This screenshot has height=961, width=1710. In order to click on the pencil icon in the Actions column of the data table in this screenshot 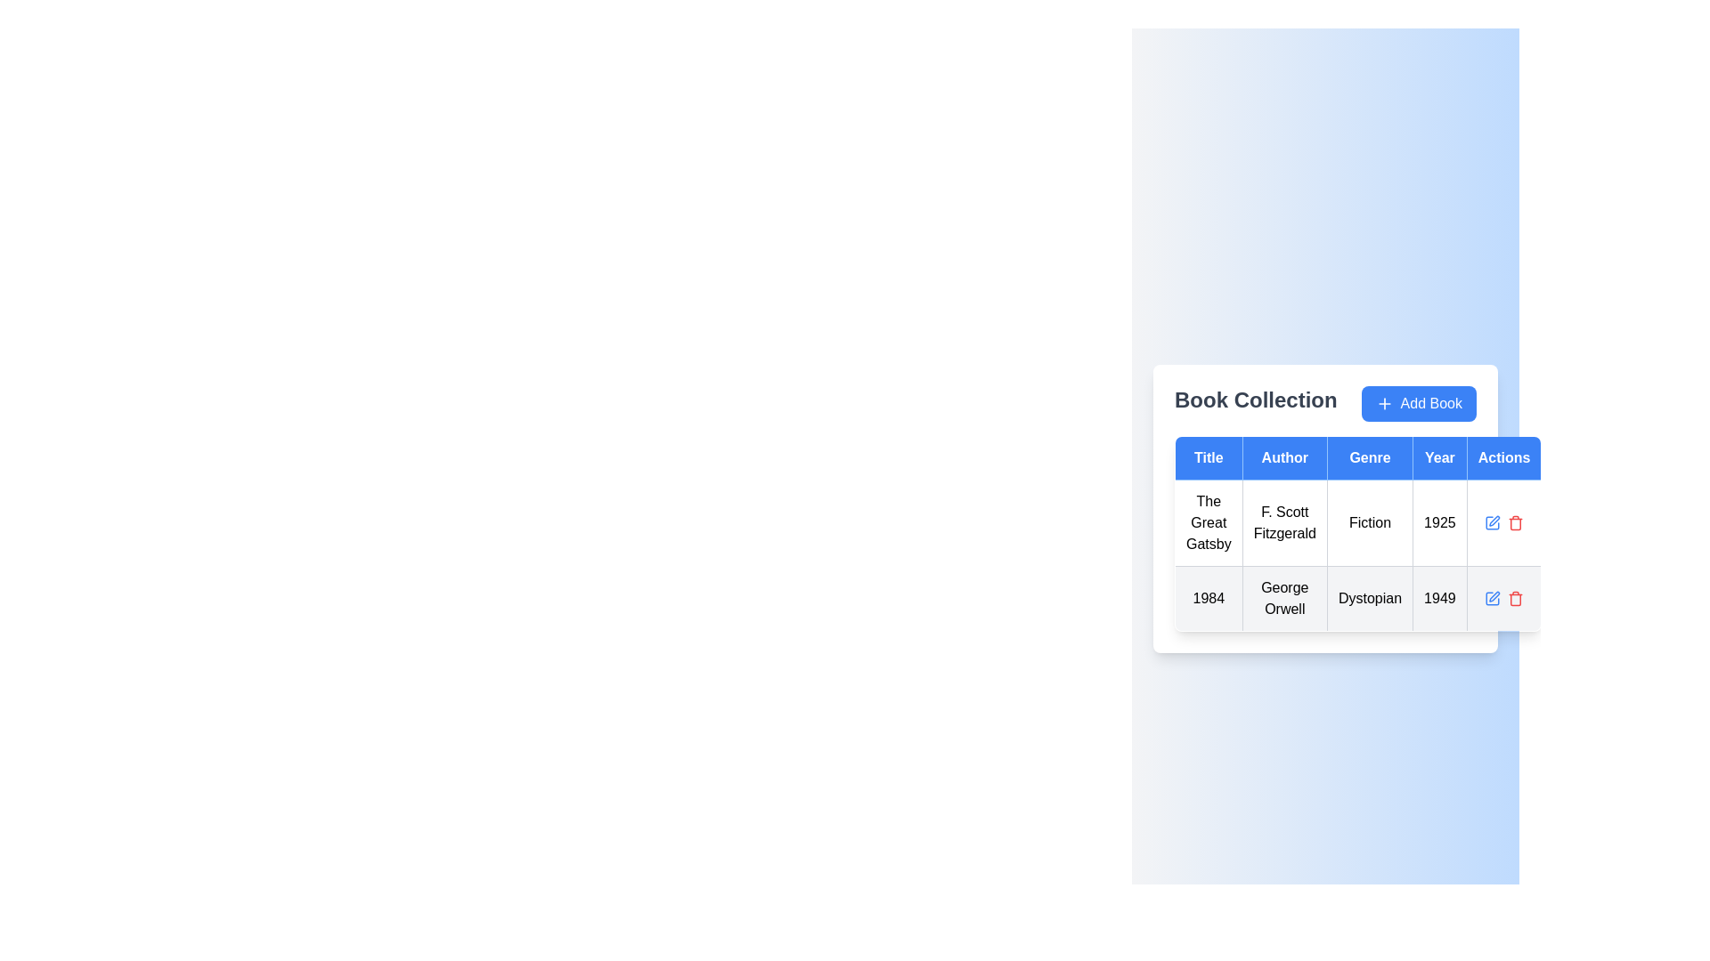, I will do `click(1503, 521)`.